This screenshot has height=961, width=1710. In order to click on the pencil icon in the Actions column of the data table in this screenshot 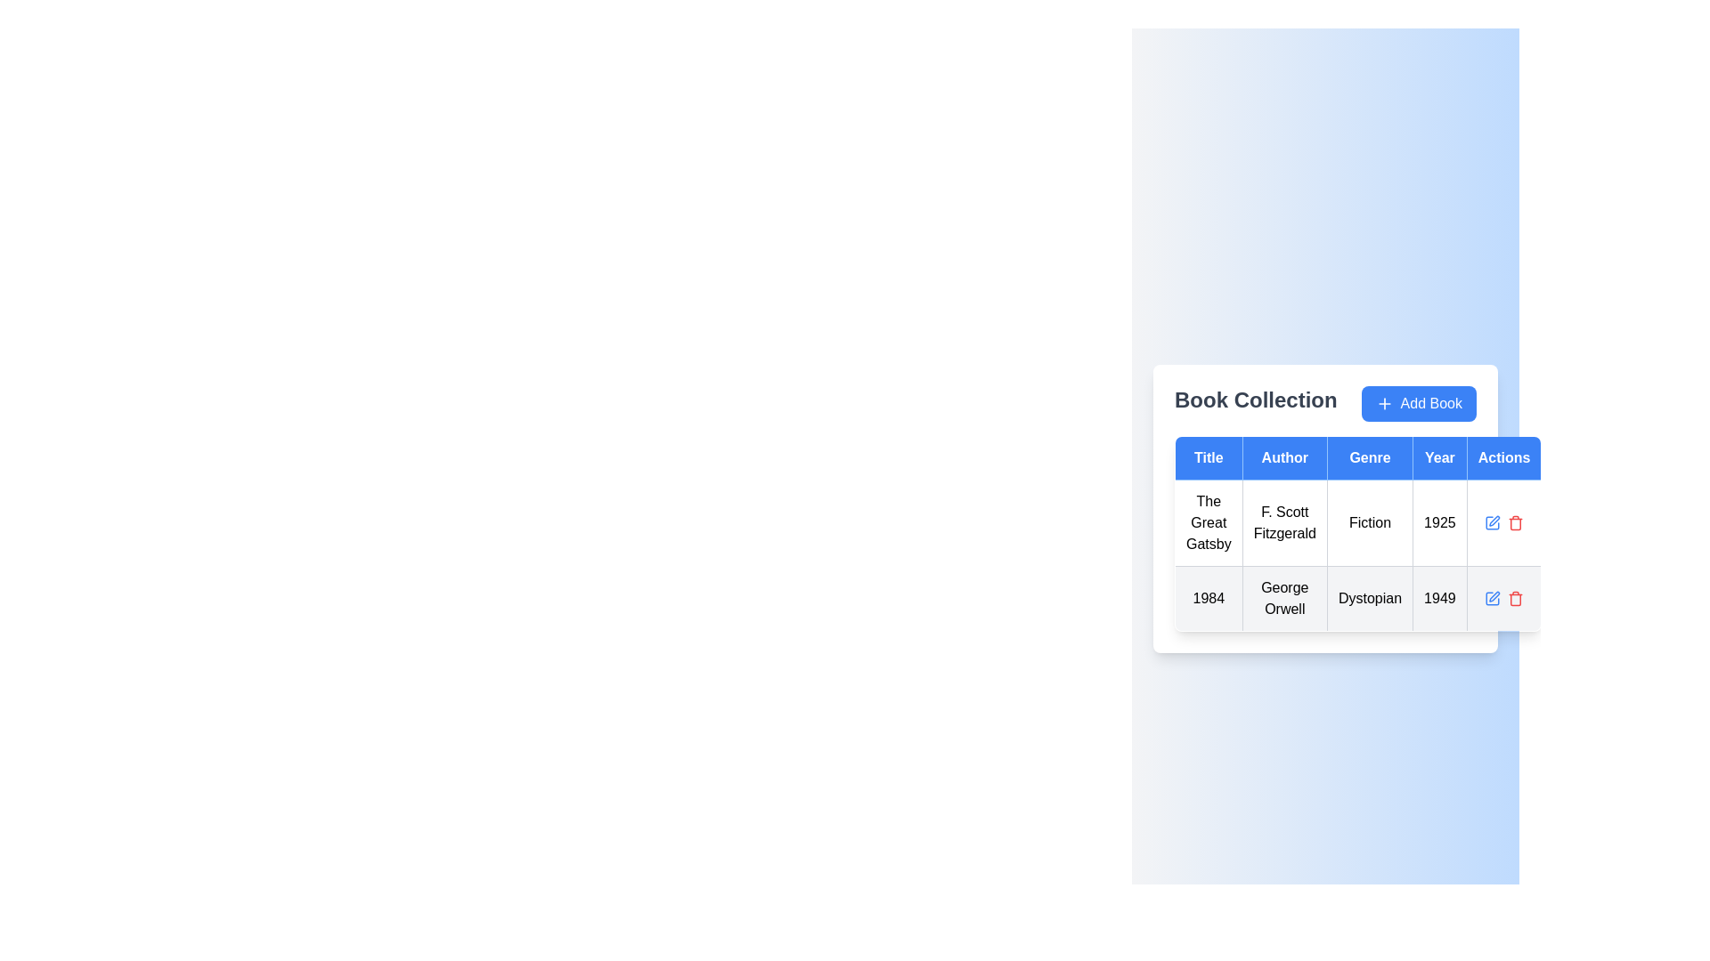, I will do `click(1503, 521)`.